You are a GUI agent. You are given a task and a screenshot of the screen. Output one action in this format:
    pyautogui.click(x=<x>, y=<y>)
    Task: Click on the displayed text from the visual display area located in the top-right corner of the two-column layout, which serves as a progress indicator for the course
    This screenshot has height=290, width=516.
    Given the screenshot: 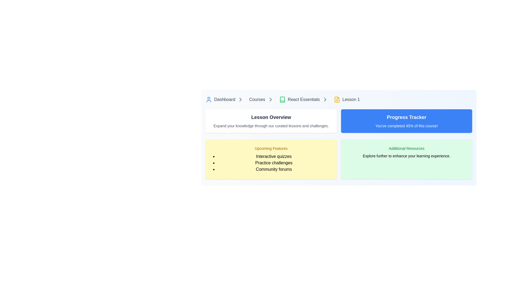 What is the action you would take?
    pyautogui.click(x=406, y=121)
    